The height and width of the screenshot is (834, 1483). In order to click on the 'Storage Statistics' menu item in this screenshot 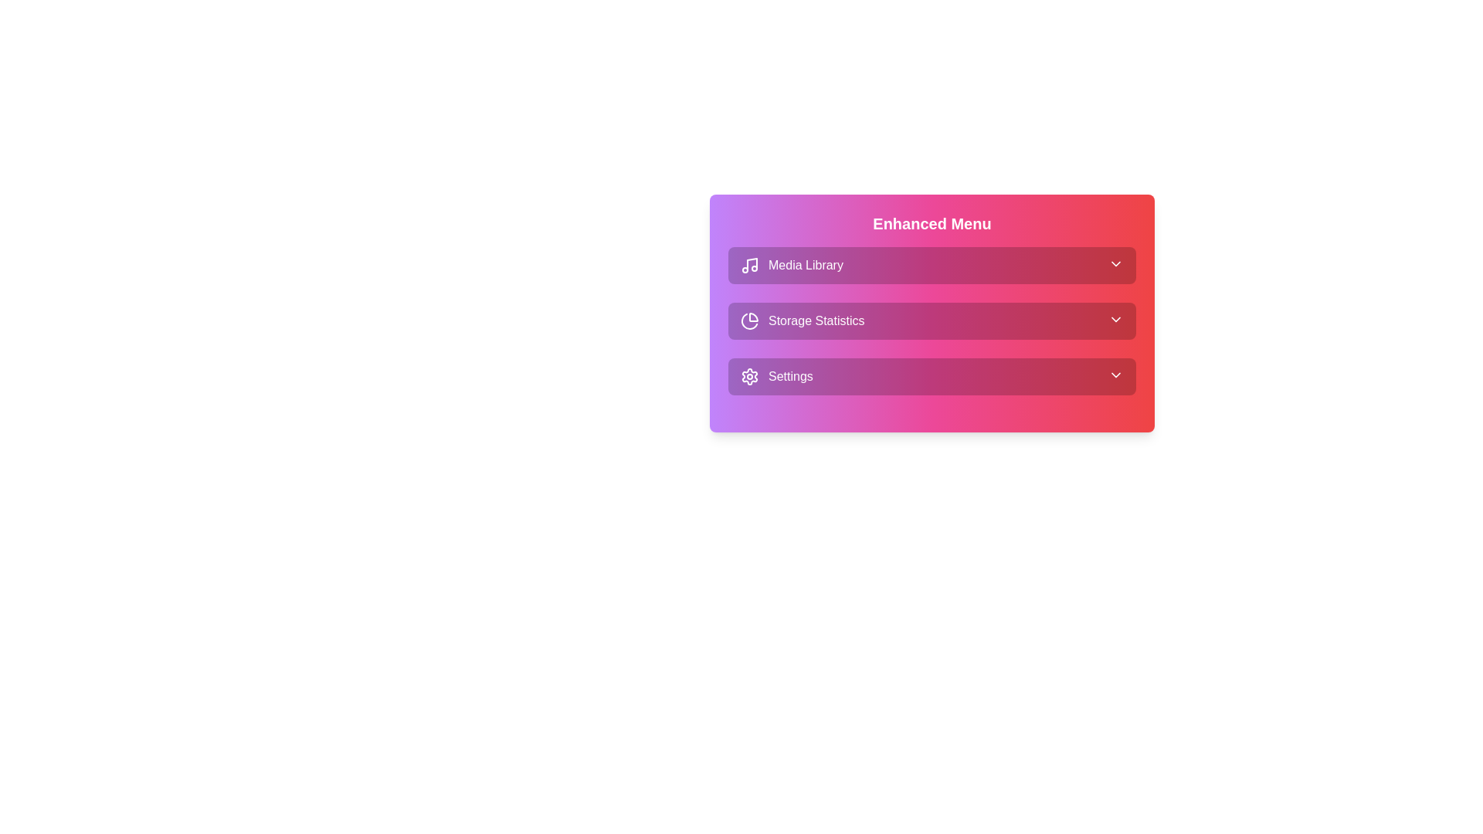, I will do `click(931, 313)`.